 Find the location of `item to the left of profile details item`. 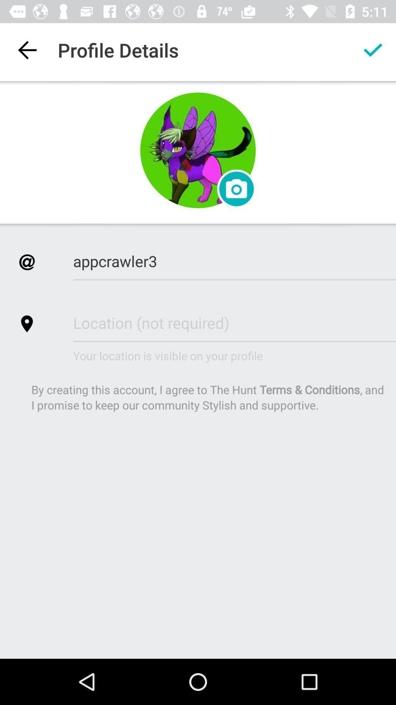

item to the left of profile details item is located at coordinates (26, 50).